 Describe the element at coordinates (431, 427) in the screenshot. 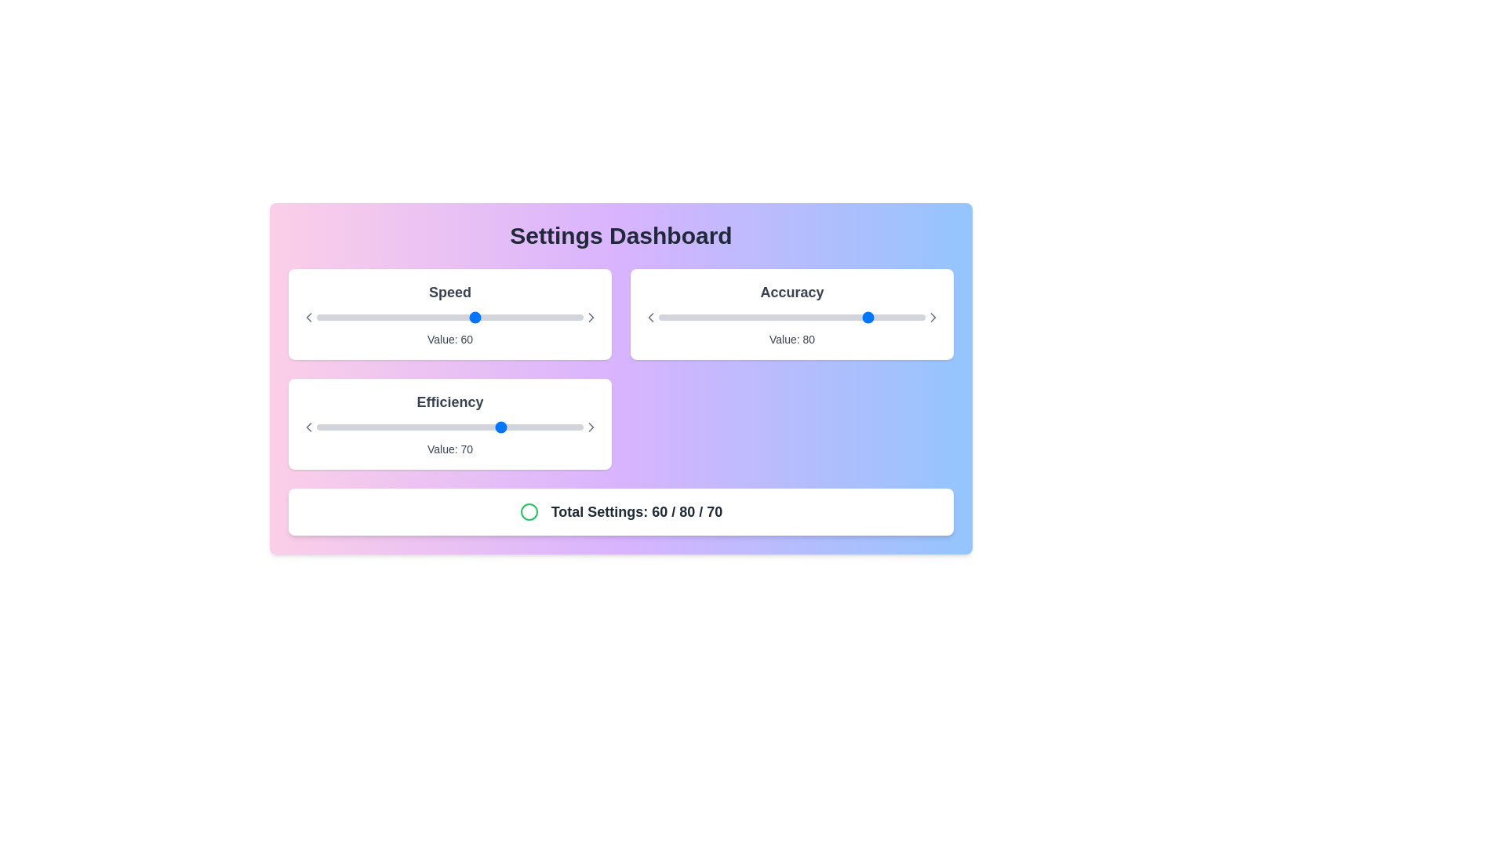

I see `efficiency` at that location.